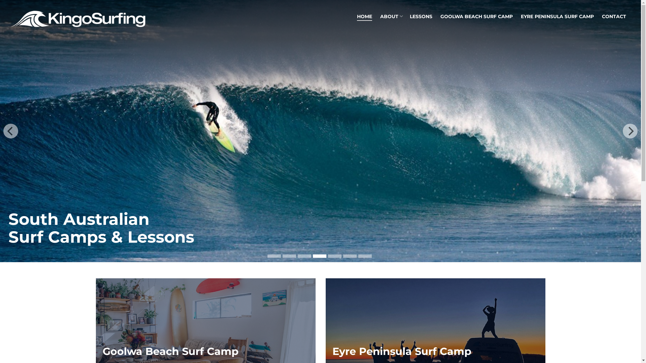  I want to click on 'ABOUT', so click(391, 16).